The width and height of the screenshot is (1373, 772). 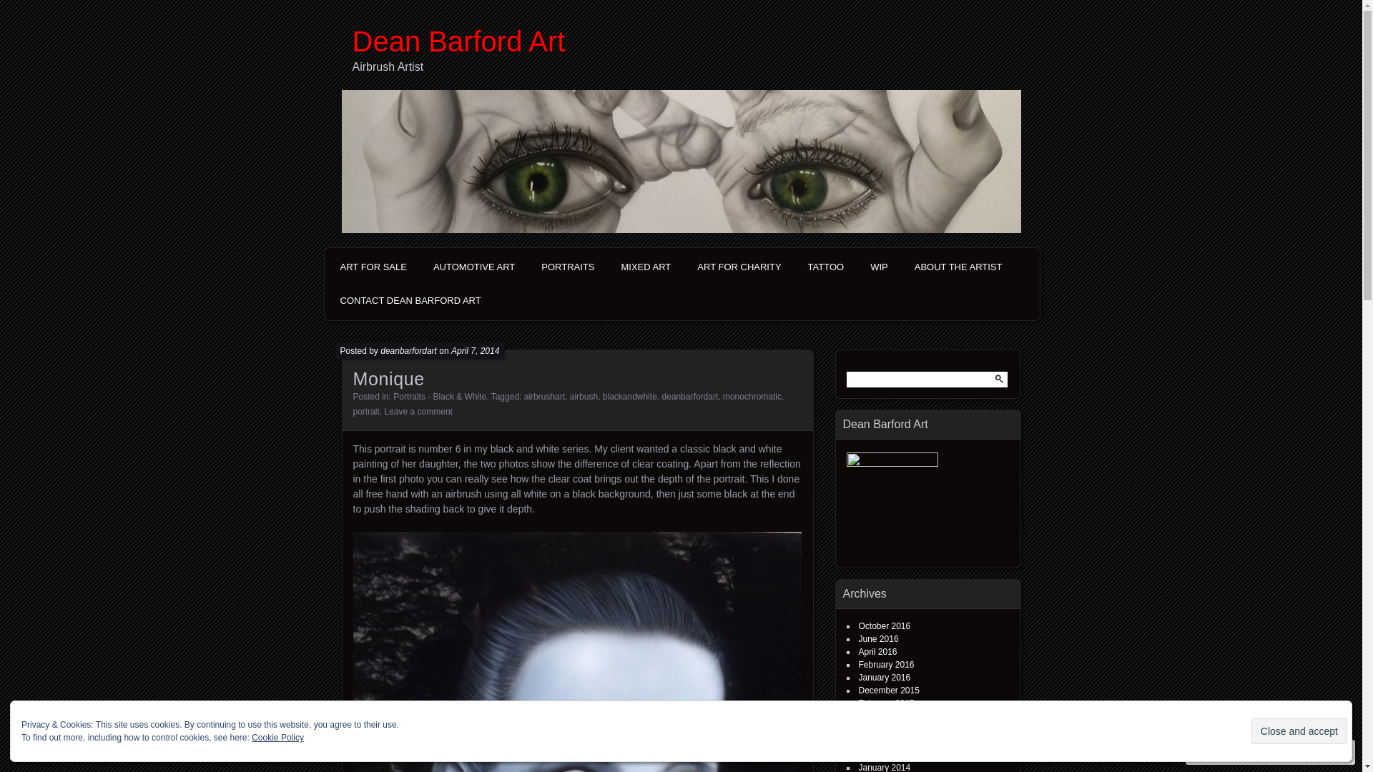 What do you see at coordinates (409, 300) in the screenshot?
I see `'CONTACT DEAN BARFORD ART'` at bounding box center [409, 300].